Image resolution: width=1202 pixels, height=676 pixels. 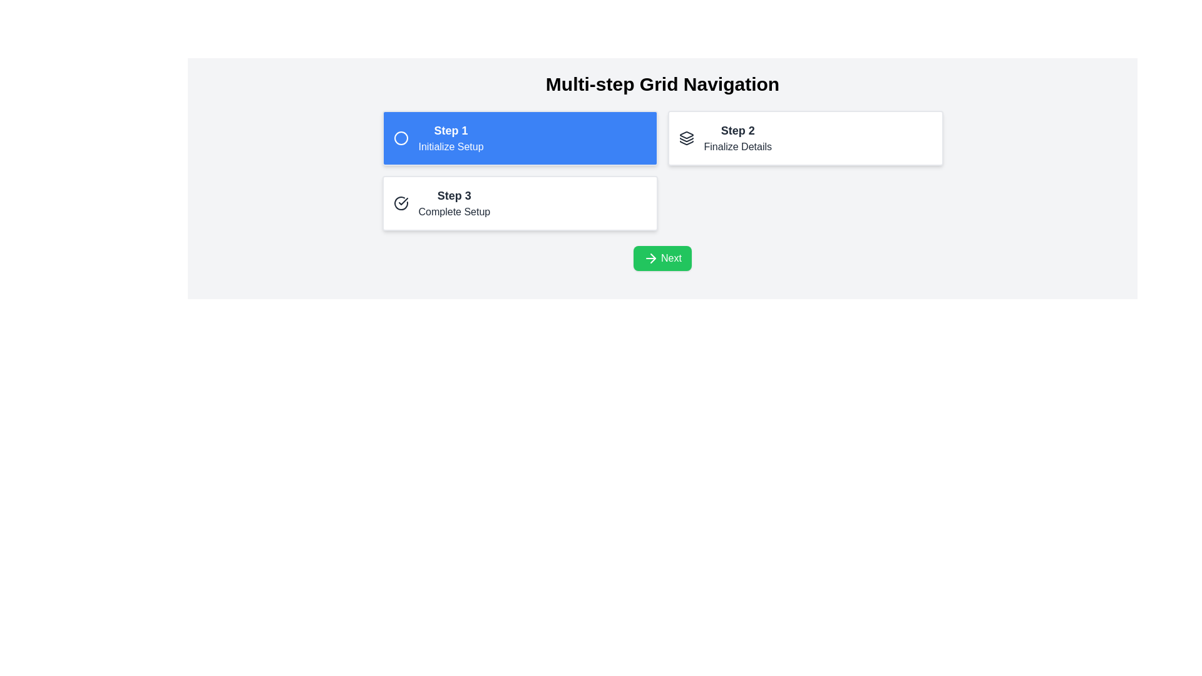 I want to click on the 'Next' button with a green background and white text located at the bottom right of the multi-step navigation interface to visualize hover effects, so click(x=662, y=257).